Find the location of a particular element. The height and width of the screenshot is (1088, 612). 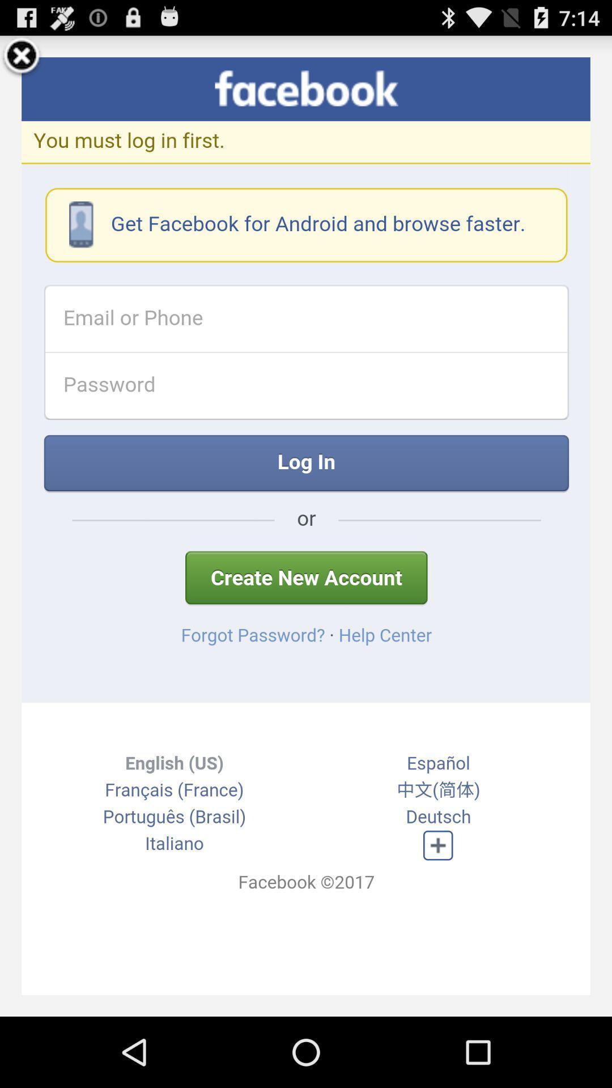

the page is located at coordinates (22, 57).